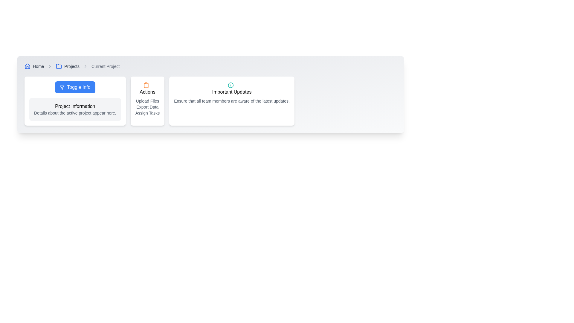 The width and height of the screenshot is (574, 323). Describe the element at coordinates (27, 66) in the screenshot. I see `the house-shaped icon at the start of the breadcrumb navigation bar, which is stylized and outlined in blue, representing the 'Home' link` at that location.